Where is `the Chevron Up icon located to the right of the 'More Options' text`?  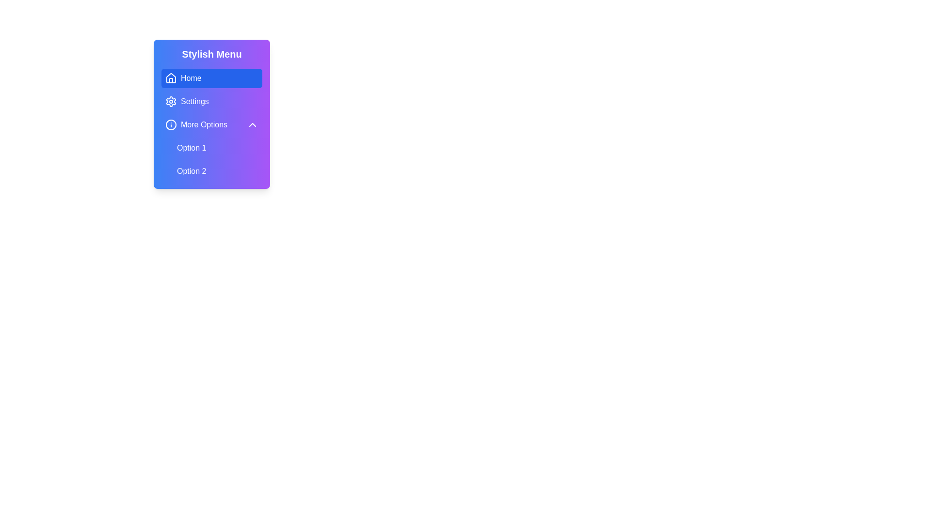 the Chevron Up icon located to the right of the 'More Options' text is located at coordinates (253, 124).